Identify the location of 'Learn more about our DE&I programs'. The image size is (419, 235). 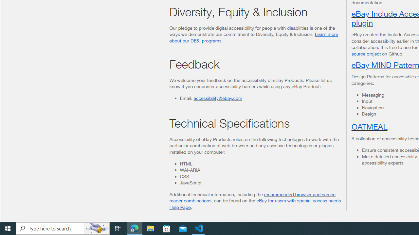
(253, 37).